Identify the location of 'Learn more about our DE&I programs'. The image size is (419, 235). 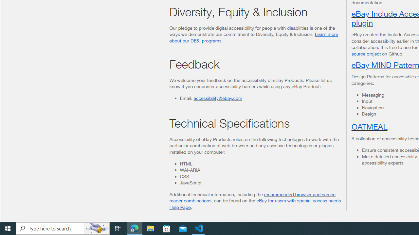
(253, 37).